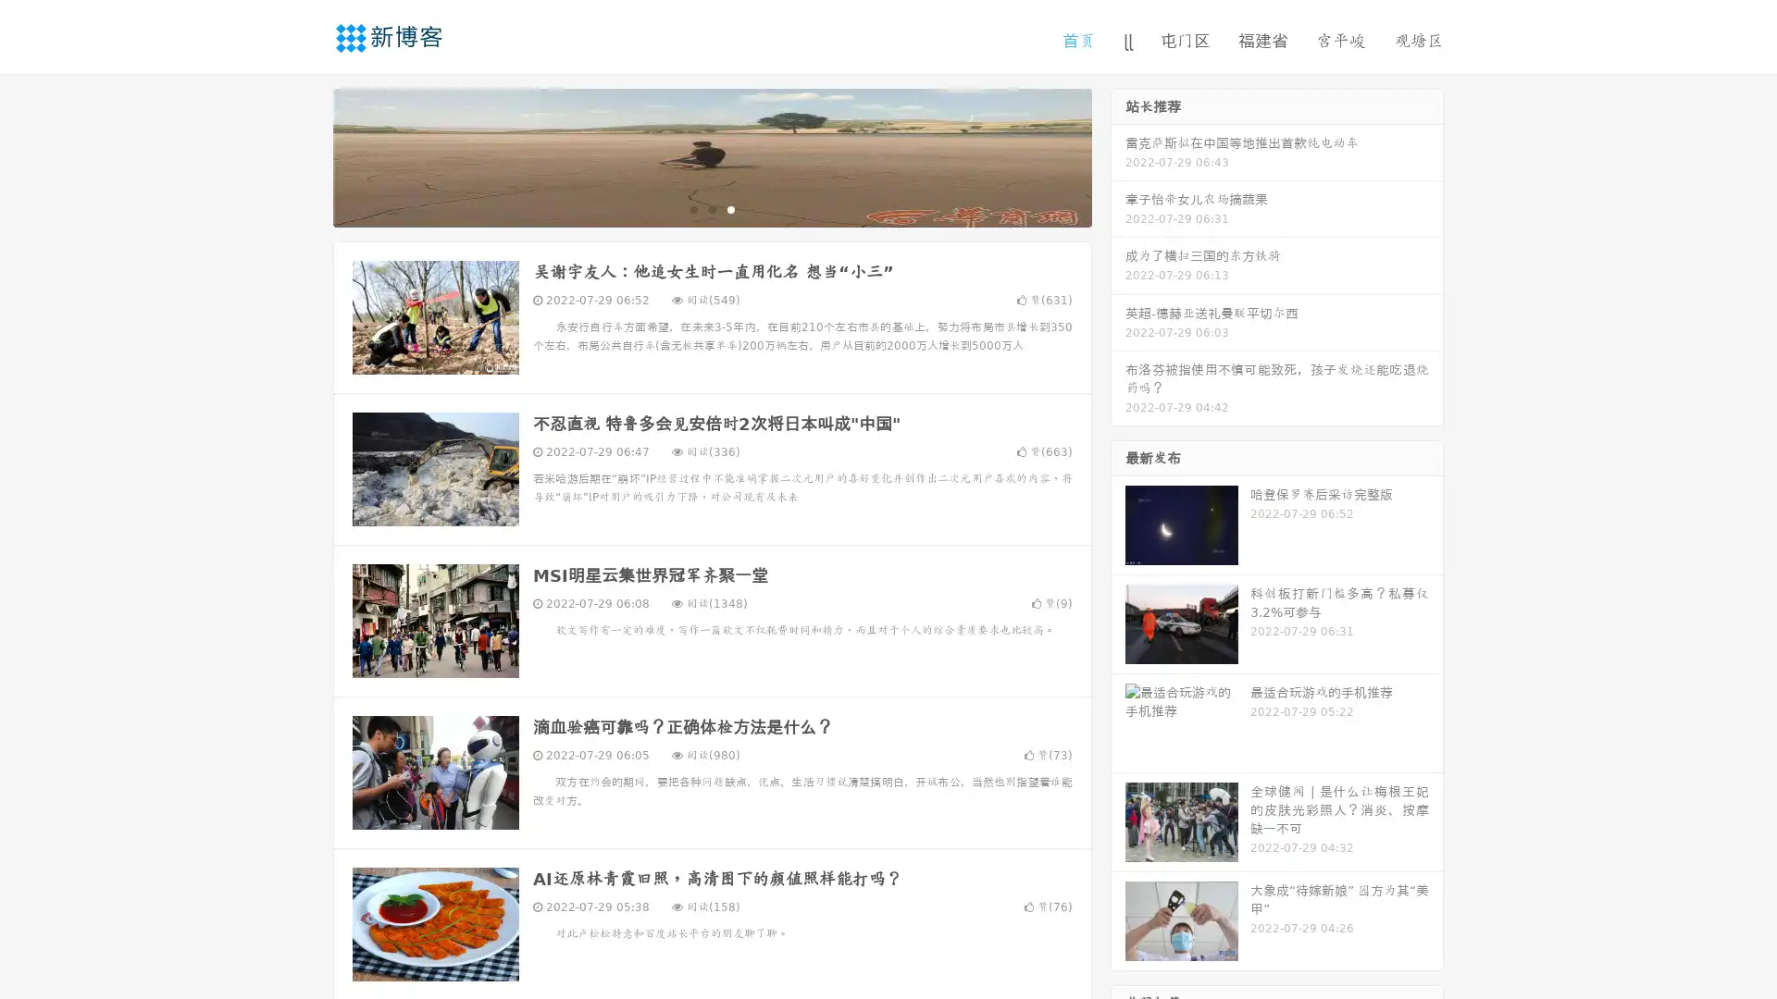 The image size is (1777, 999). What do you see at coordinates (692, 208) in the screenshot?
I see `Go to slide 1` at bounding box center [692, 208].